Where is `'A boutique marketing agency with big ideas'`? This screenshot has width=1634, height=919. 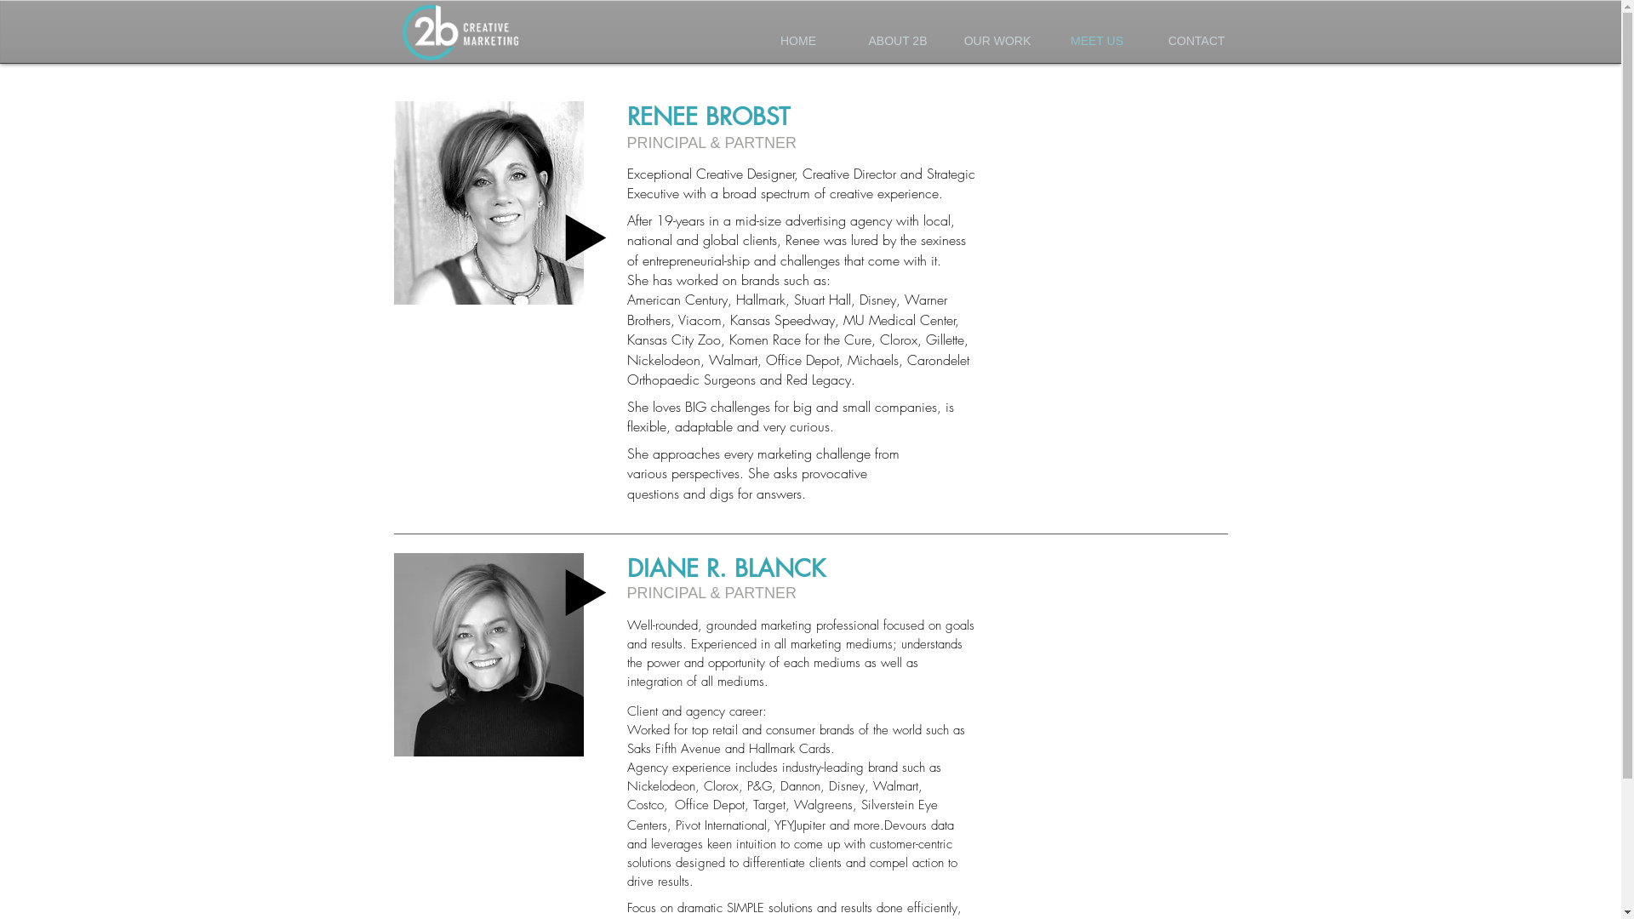
'A boutique marketing agency with big ideas' is located at coordinates (461, 35).